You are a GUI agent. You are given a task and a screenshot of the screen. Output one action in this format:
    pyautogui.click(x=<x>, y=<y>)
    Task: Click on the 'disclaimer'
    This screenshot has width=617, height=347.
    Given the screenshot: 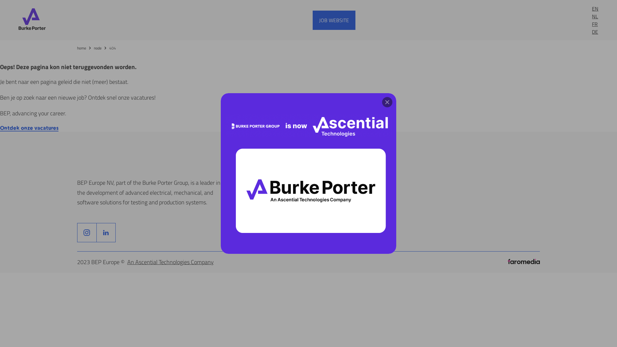 What is the action you would take?
    pyautogui.click(x=348, y=182)
    